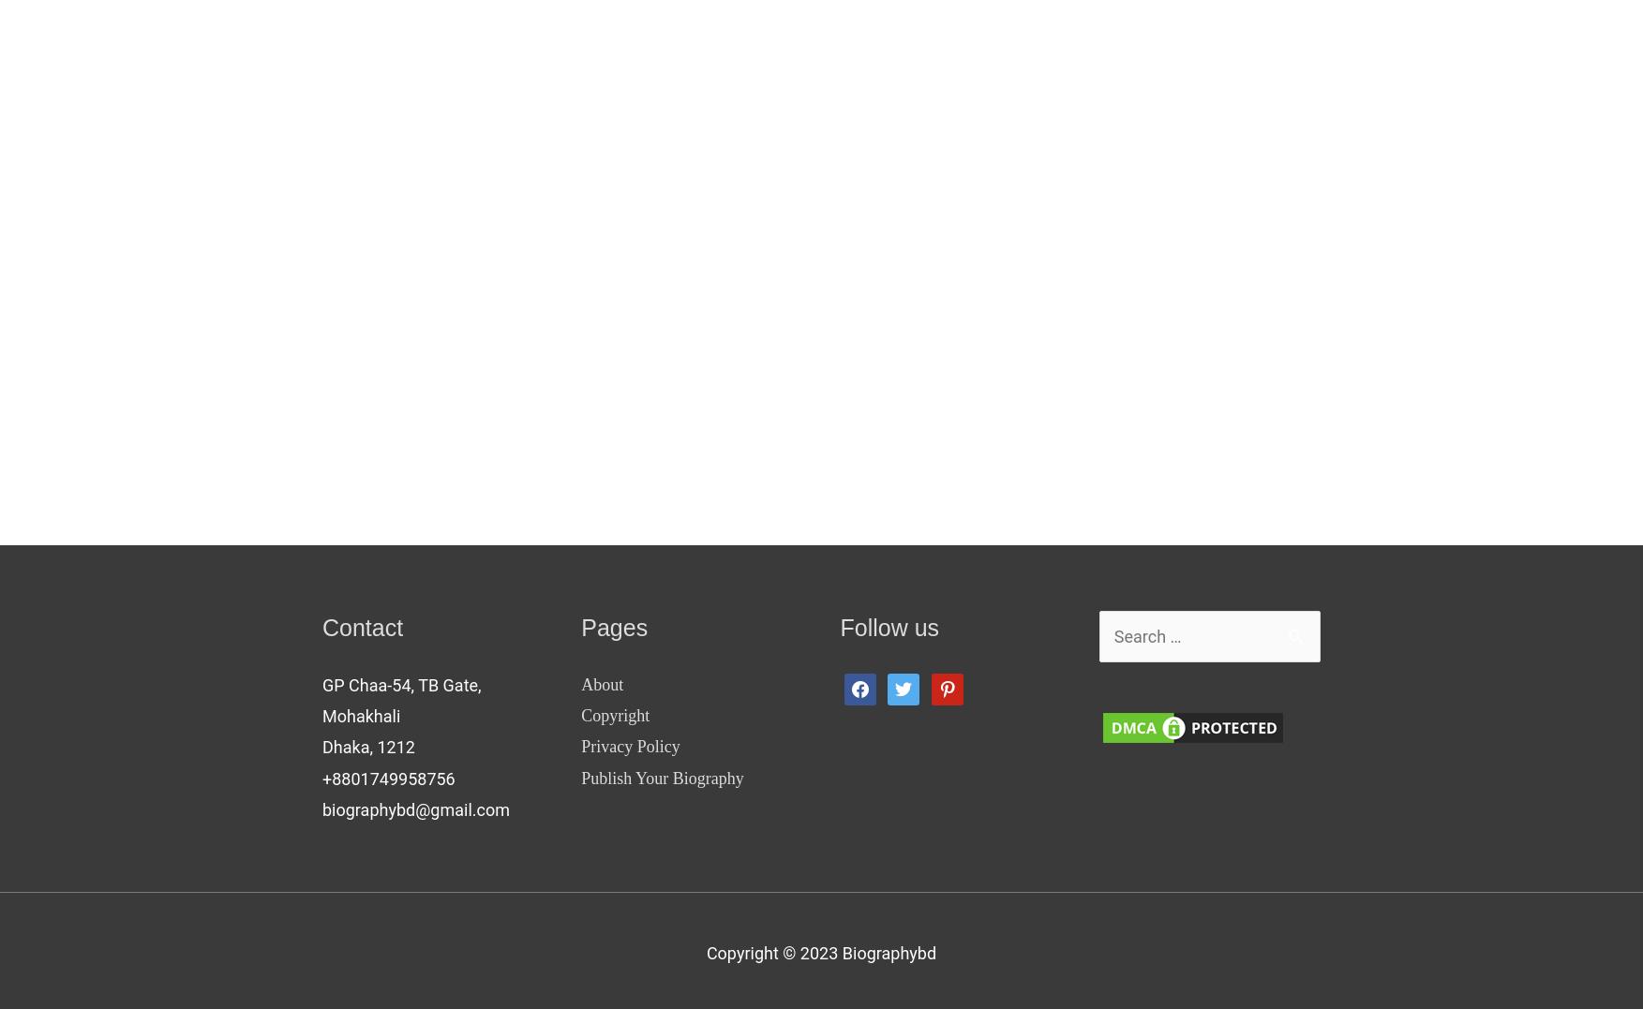 The height and width of the screenshot is (1009, 1643). Describe the element at coordinates (346, 747) in the screenshot. I see `'Dhaka'` at that location.